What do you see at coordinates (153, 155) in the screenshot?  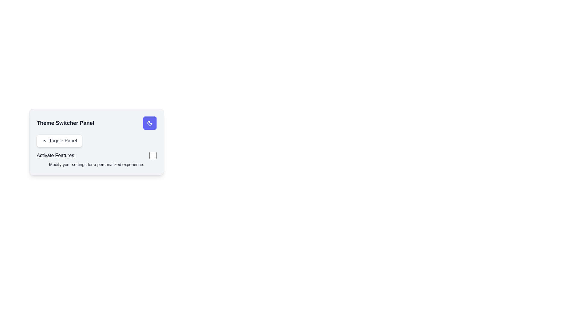 I see `the checkbox located next to the 'Activate Features:' label in the 'Theme Switcher Panel'` at bounding box center [153, 155].